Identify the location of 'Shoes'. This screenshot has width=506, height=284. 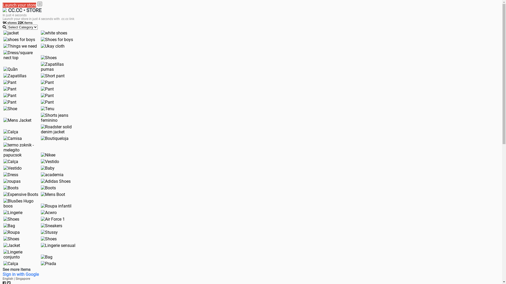
(40, 58).